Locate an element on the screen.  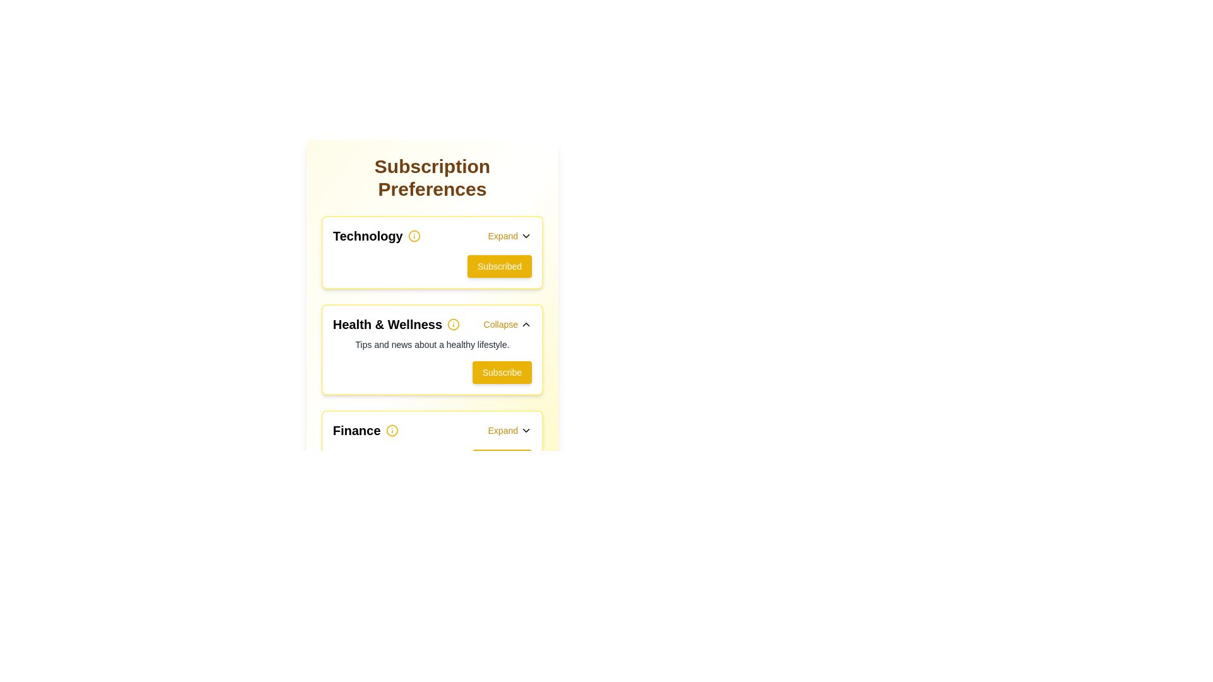
the bold, extra-large 'Finance' text label which is aligned horizontally with a yellow information icon to its right is located at coordinates (365, 430).